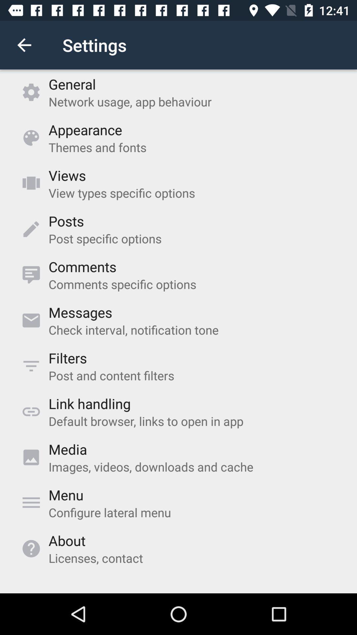 This screenshot has height=635, width=357. I want to click on the posts, so click(66, 221).